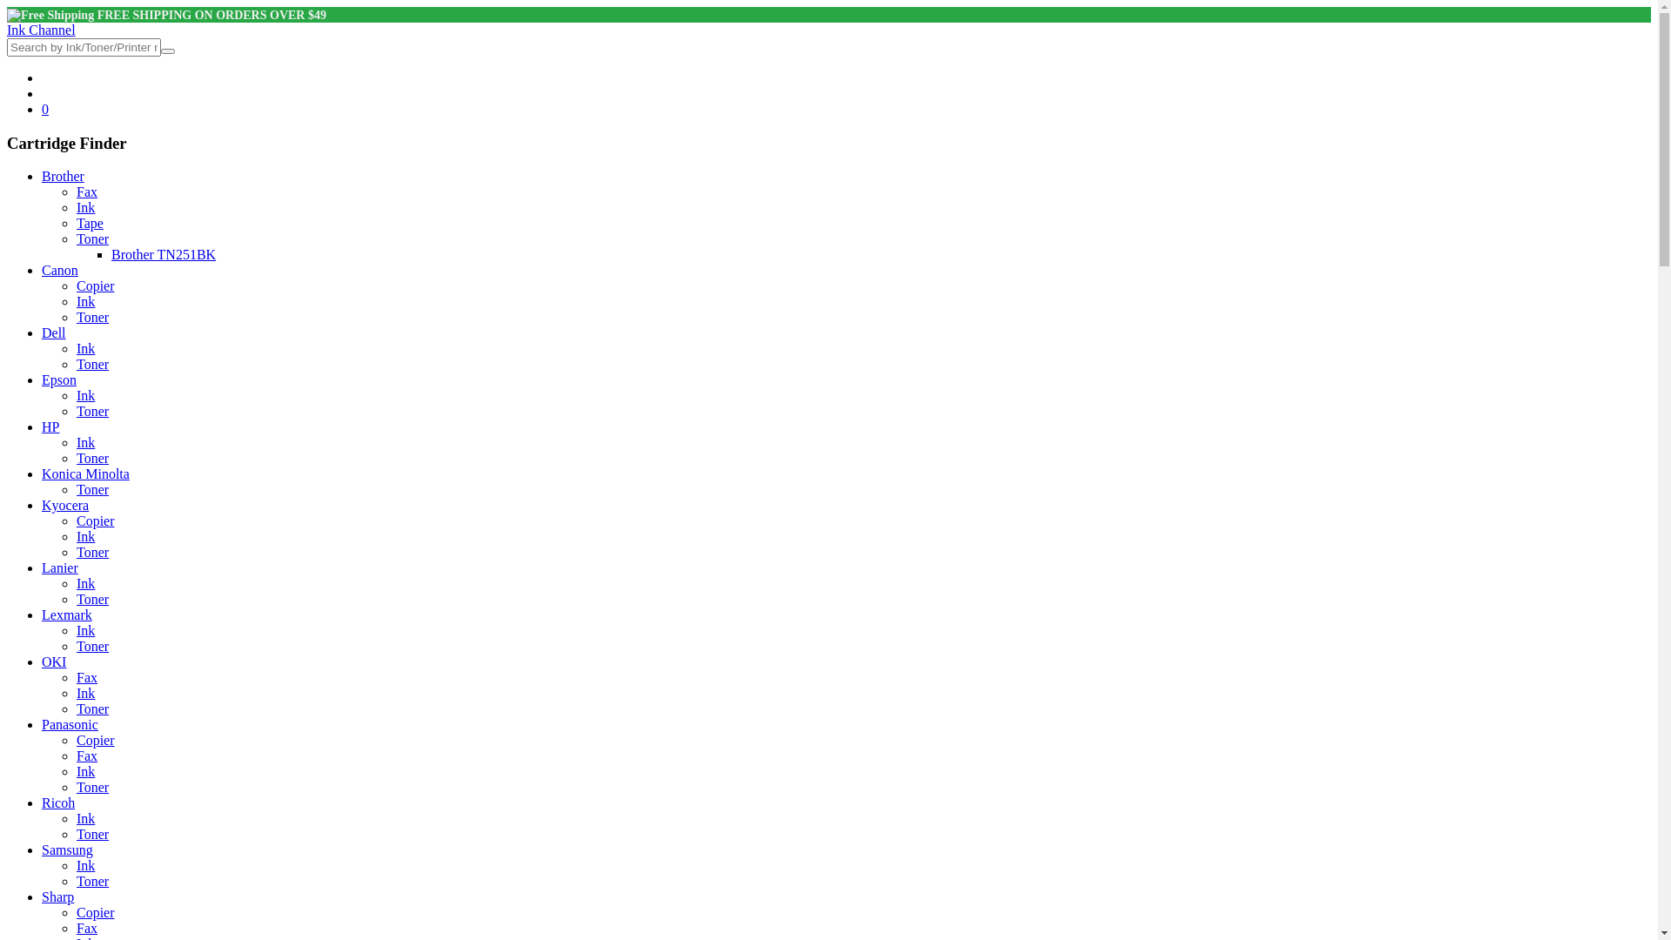  What do you see at coordinates (7, 30) in the screenshot?
I see `'Ink Channel'` at bounding box center [7, 30].